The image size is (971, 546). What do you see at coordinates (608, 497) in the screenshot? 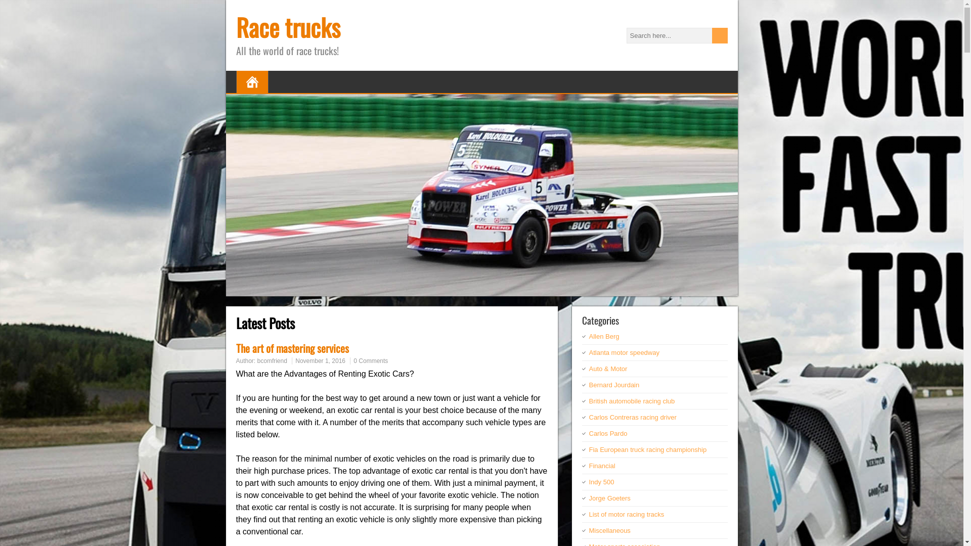
I see `'Jorge Goeters'` at bounding box center [608, 497].